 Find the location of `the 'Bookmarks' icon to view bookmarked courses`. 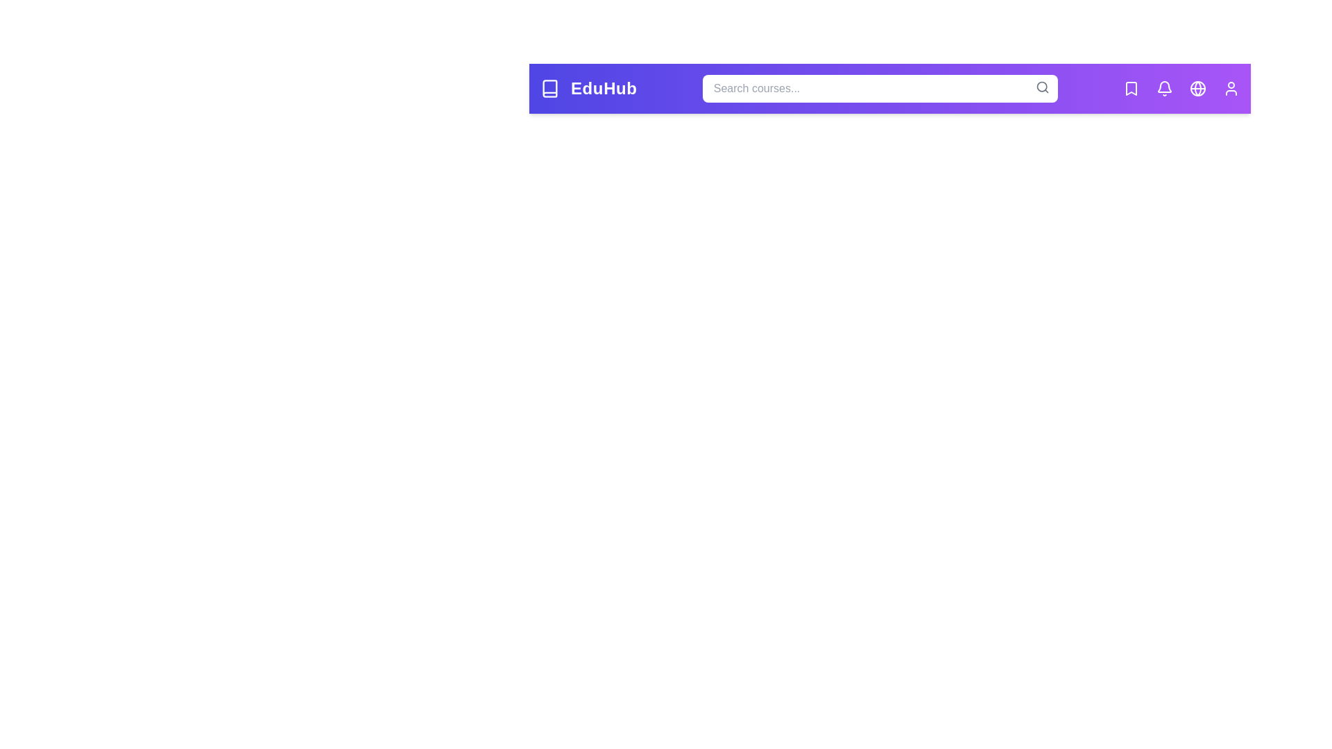

the 'Bookmarks' icon to view bookmarked courses is located at coordinates (1132, 88).